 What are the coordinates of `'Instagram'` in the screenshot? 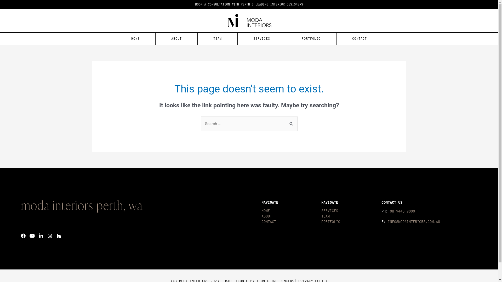 It's located at (50, 236).